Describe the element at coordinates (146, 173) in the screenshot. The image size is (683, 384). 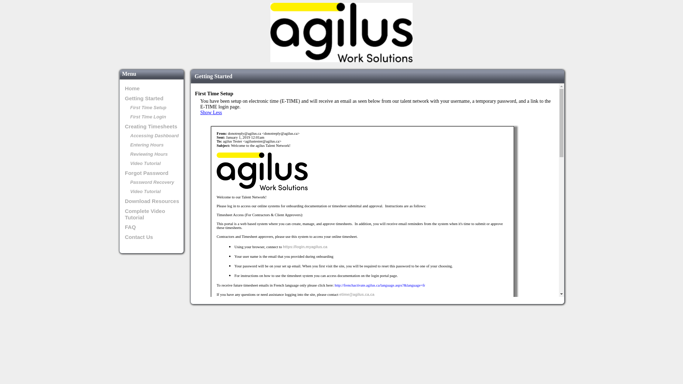
I see `'Forgot Password'` at that location.